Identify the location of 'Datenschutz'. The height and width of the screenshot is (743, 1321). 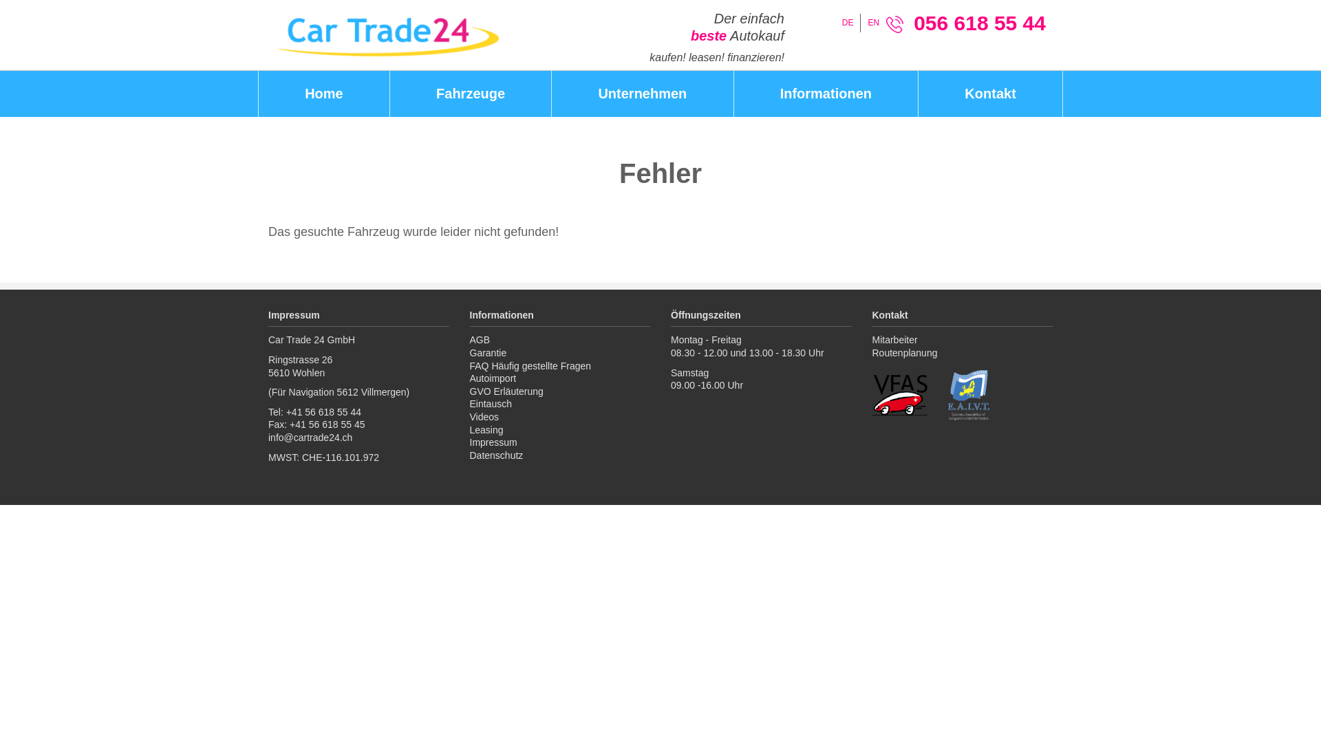
(469, 455).